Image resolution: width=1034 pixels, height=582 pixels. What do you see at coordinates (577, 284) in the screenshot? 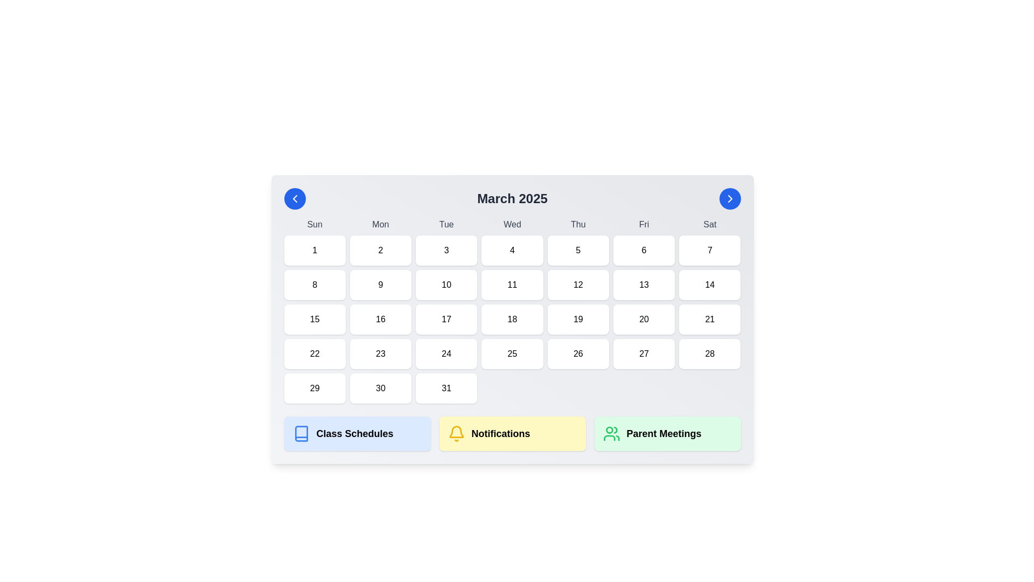
I see `the calendar date cell displaying the number '12' under the 'Thu' header` at bounding box center [577, 284].